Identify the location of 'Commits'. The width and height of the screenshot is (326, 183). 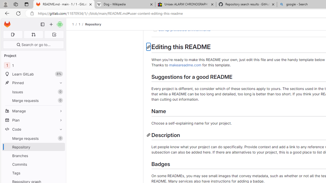
(33, 164).